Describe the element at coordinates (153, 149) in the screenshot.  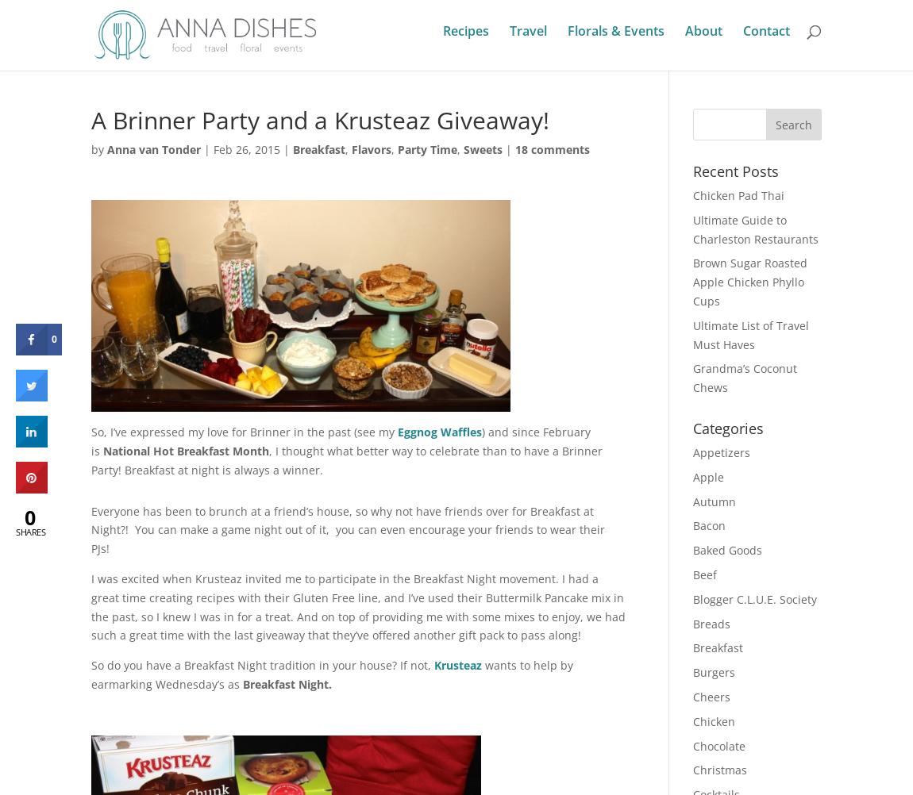
I see `'Anna van Tonder'` at that location.